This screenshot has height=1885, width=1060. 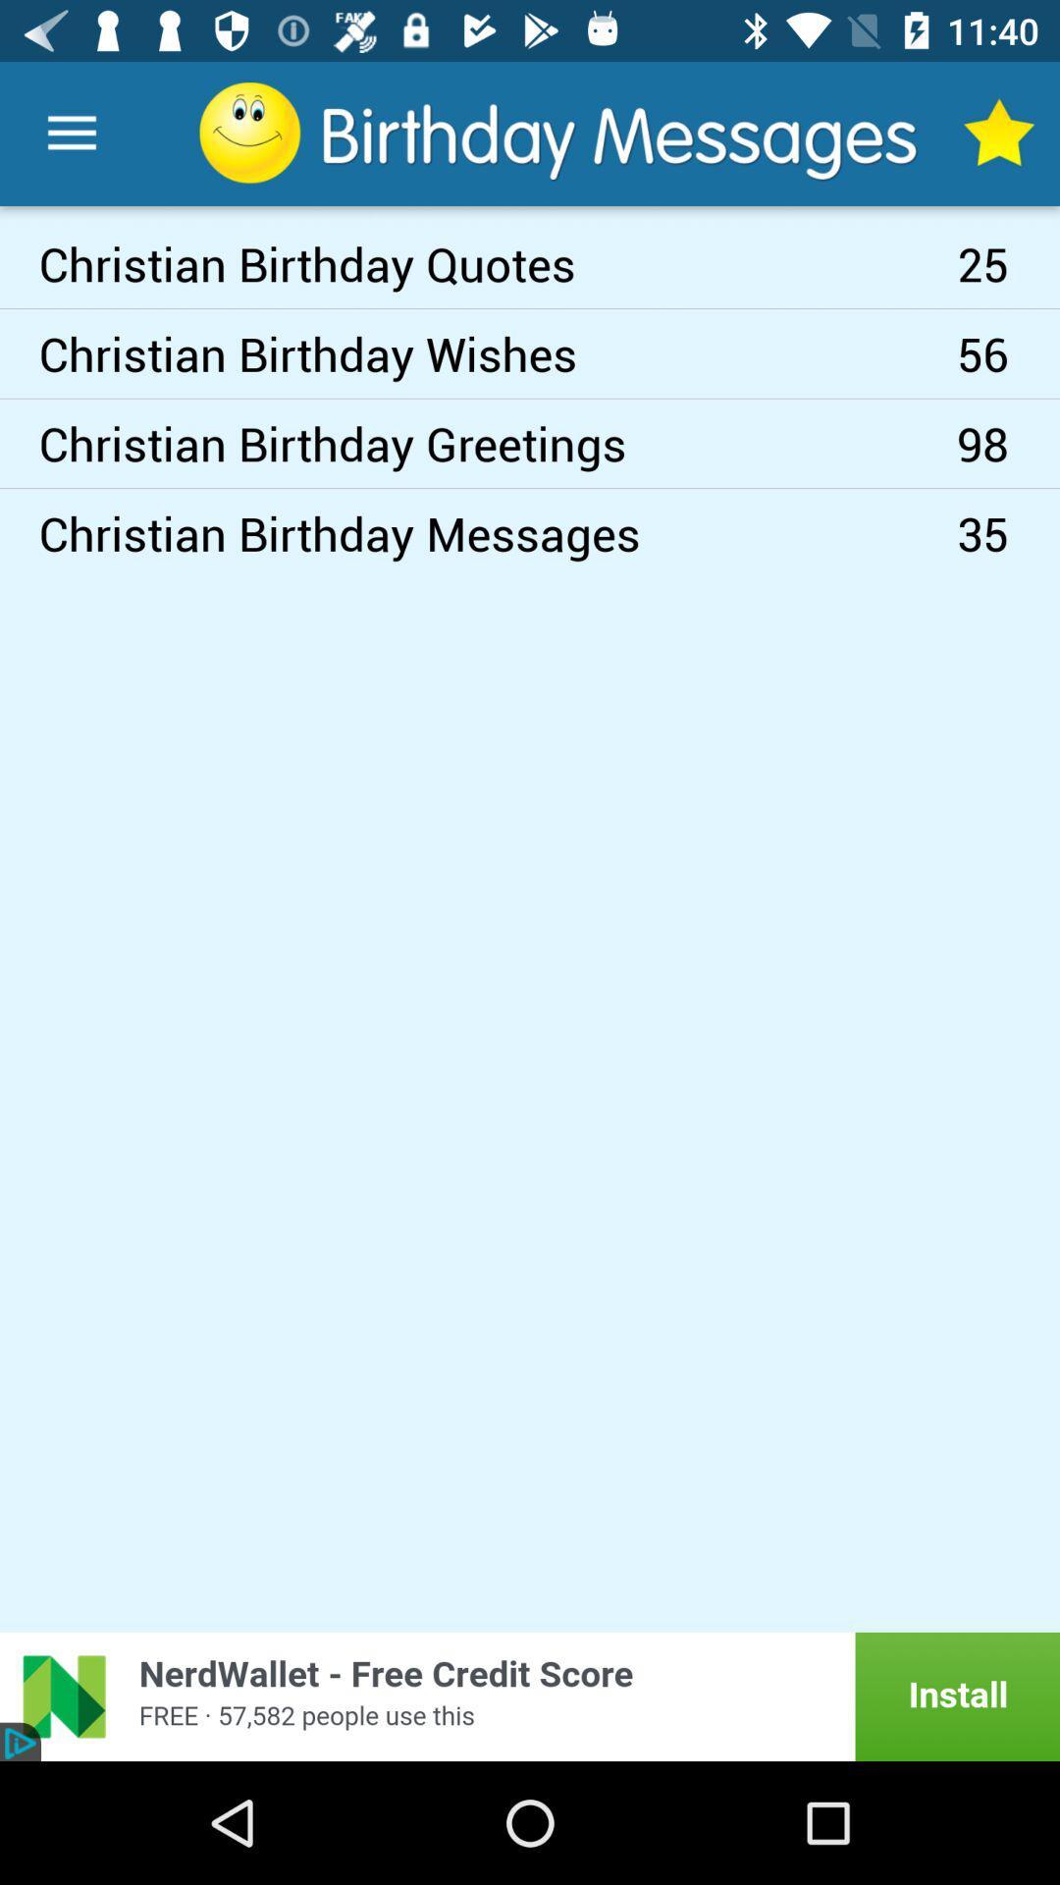 I want to click on item below 25 item, so click(x=1008, y=353).